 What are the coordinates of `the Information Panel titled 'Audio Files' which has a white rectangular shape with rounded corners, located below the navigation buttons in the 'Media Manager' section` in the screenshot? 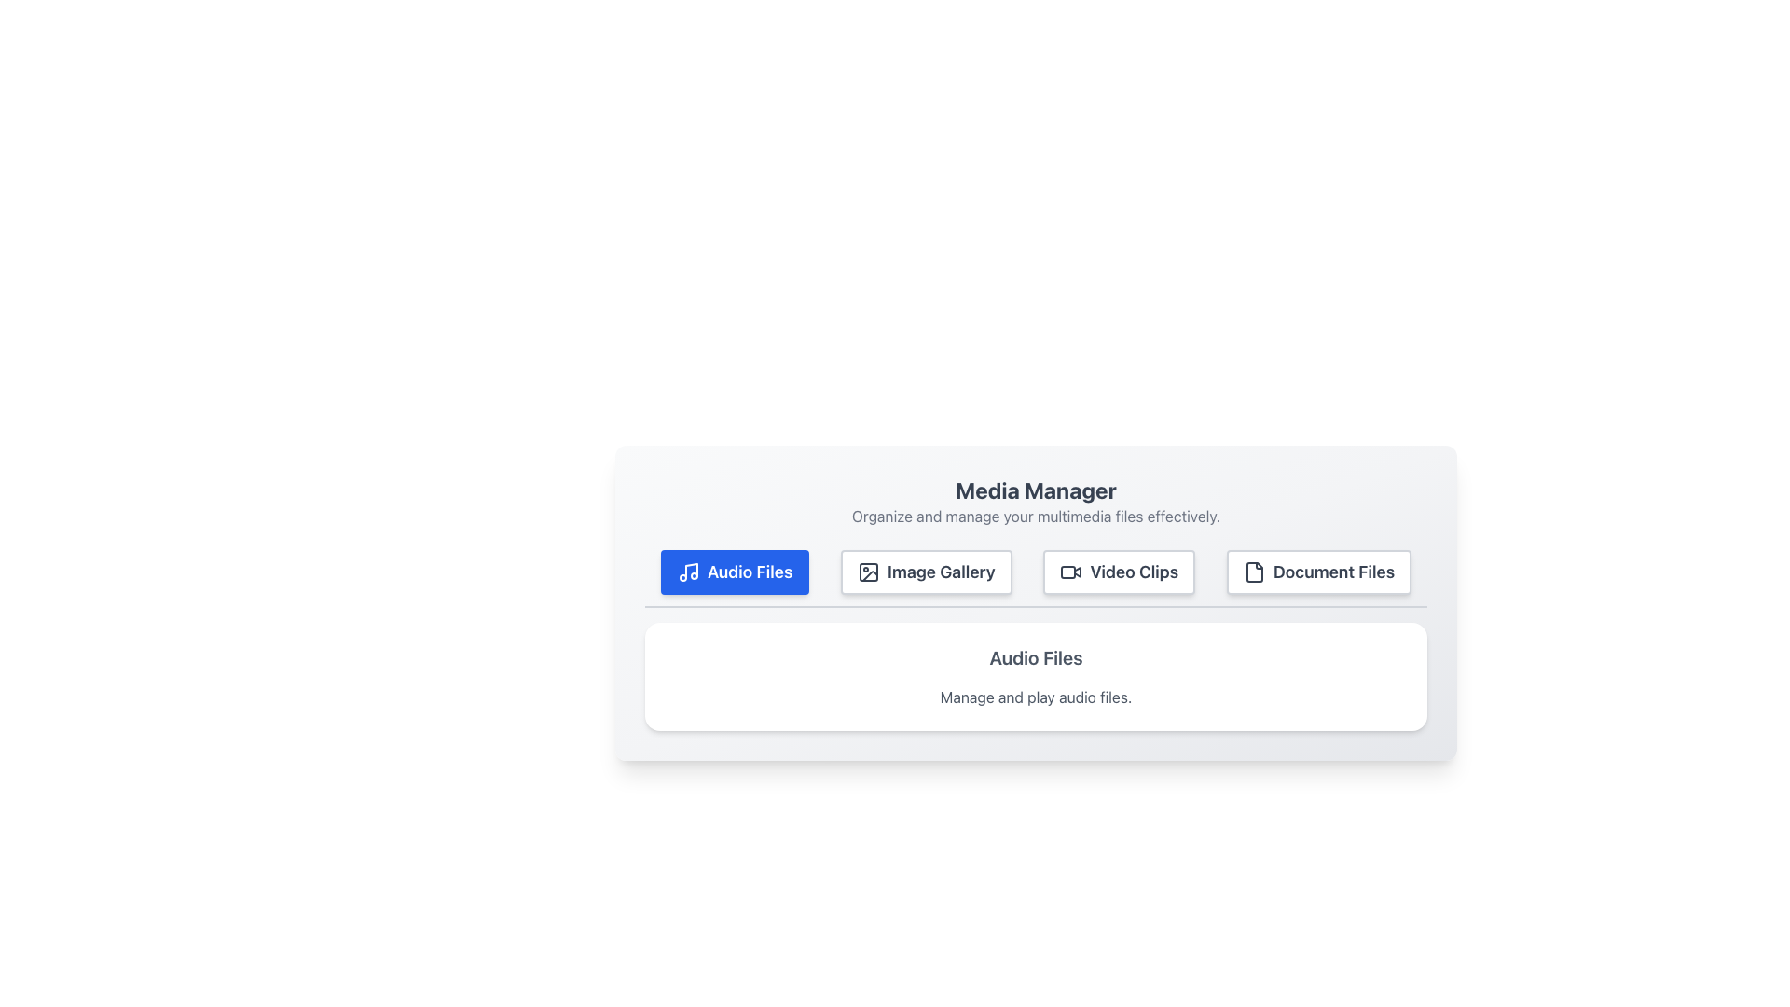 It's located at (1035, 676).